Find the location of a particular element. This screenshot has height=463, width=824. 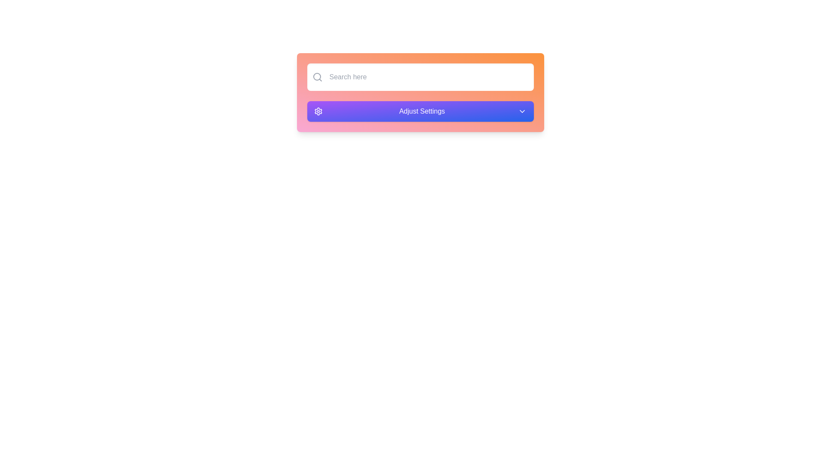

the small circular graphic element located at the center of the search icon on the top-left of the interface is located at coordinates (316, 76).